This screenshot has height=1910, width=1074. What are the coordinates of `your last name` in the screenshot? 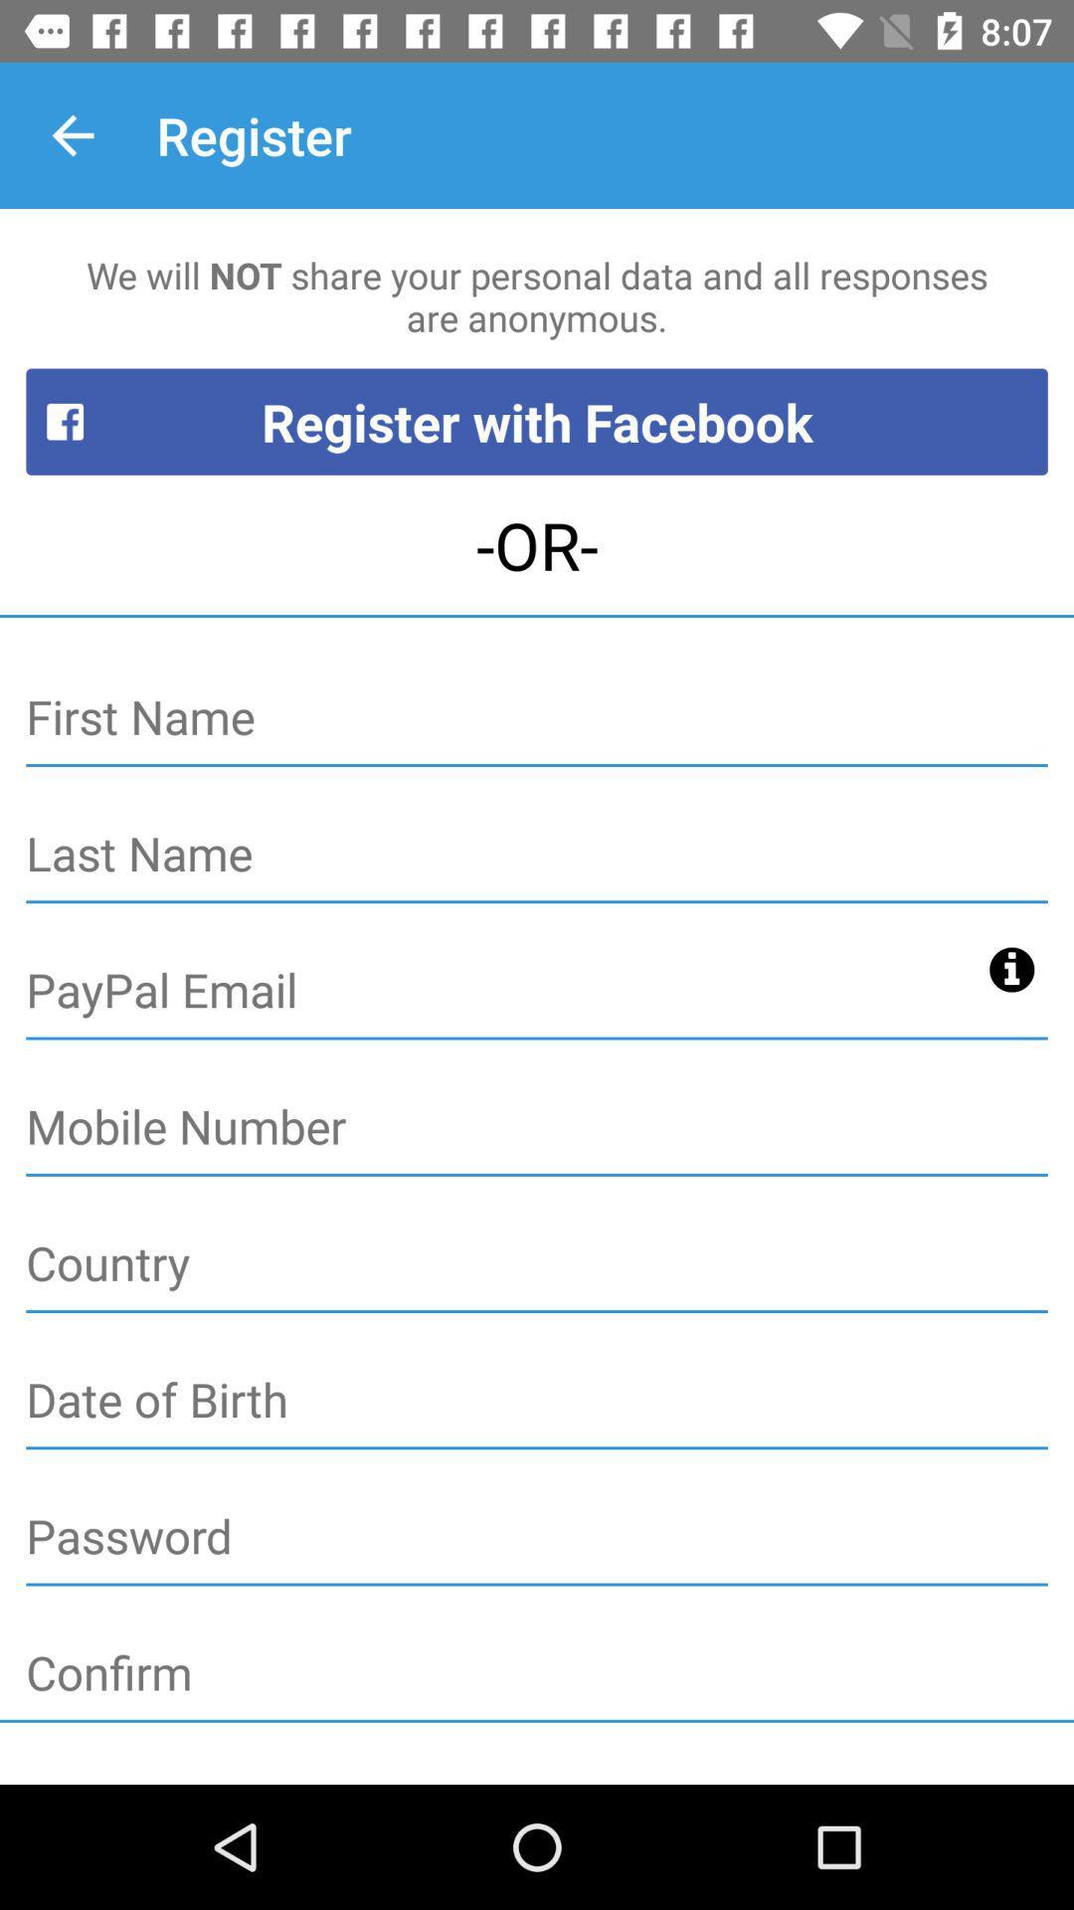 It's located at (537, 855).